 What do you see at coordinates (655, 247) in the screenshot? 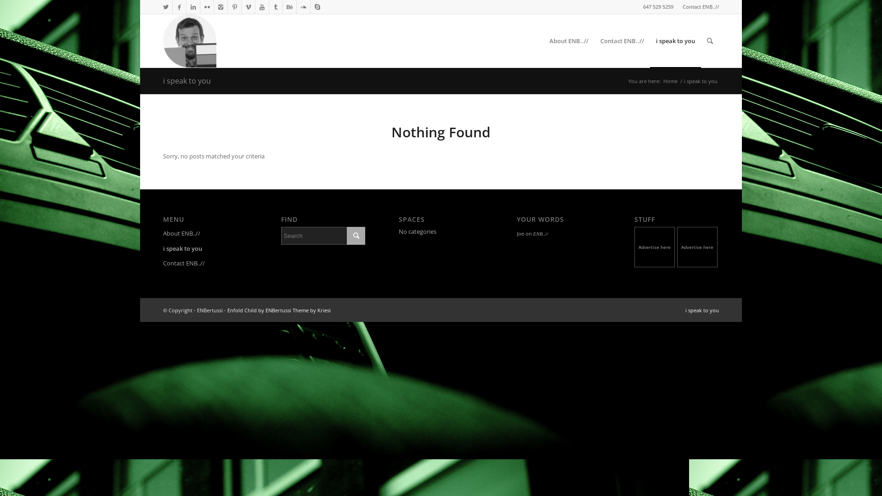
I see `'Advertise here'` at bounding box center [655, 247].